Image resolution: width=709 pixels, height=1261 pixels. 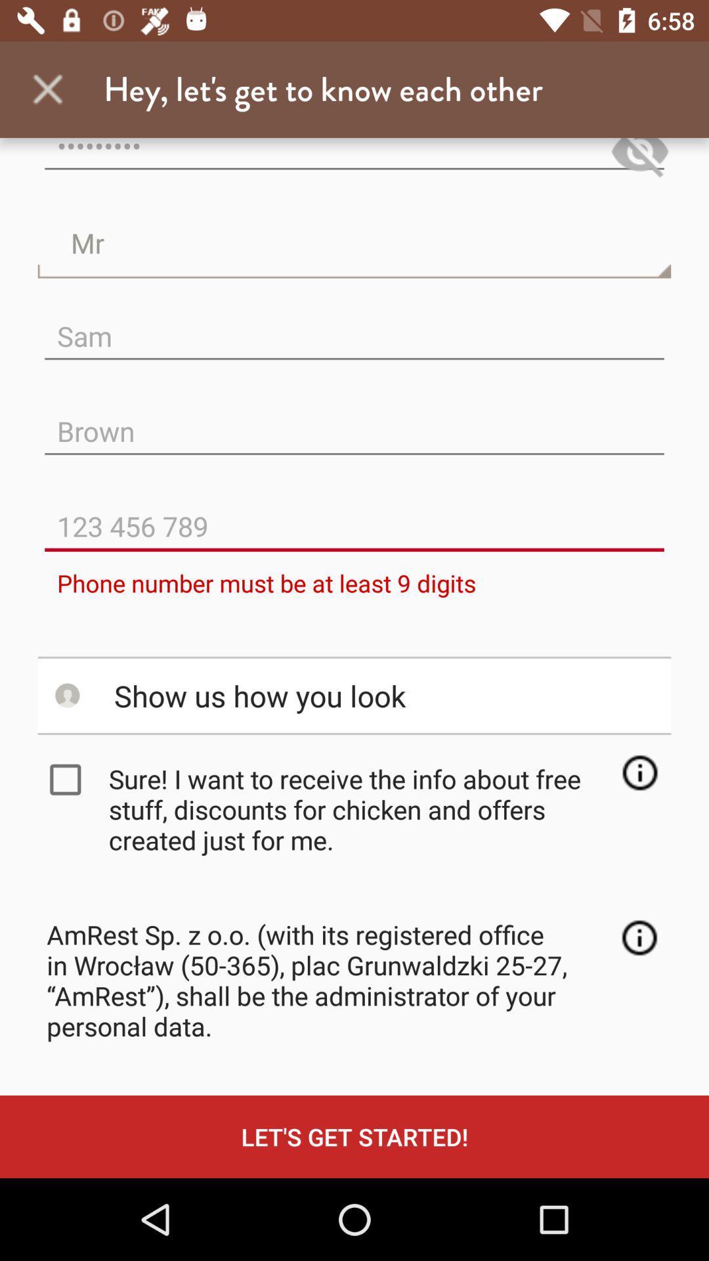 What do you see at coordinates (68, 780) in the screenshot?
I see `the item next to the sure i want icon` at bounding box center [68, 780].